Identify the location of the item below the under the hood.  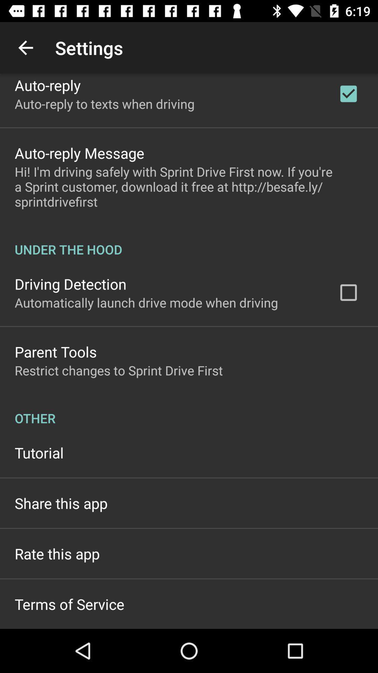
(70, 284).